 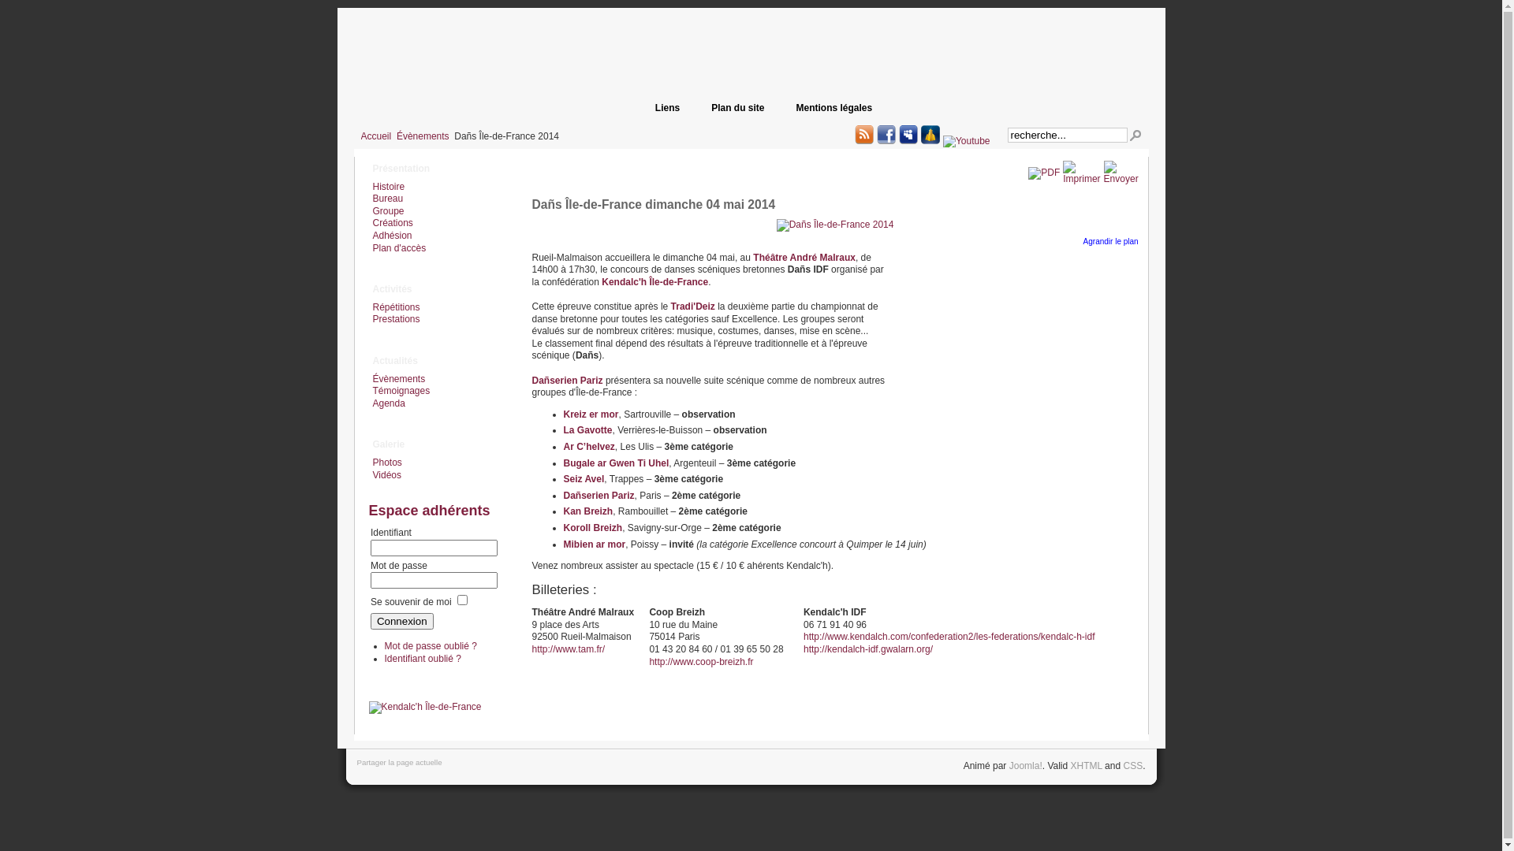 What do you see at coordinates (1085, 765) in the screenshot?
I see `'XHTML'` at bounding box center [1085, 765].